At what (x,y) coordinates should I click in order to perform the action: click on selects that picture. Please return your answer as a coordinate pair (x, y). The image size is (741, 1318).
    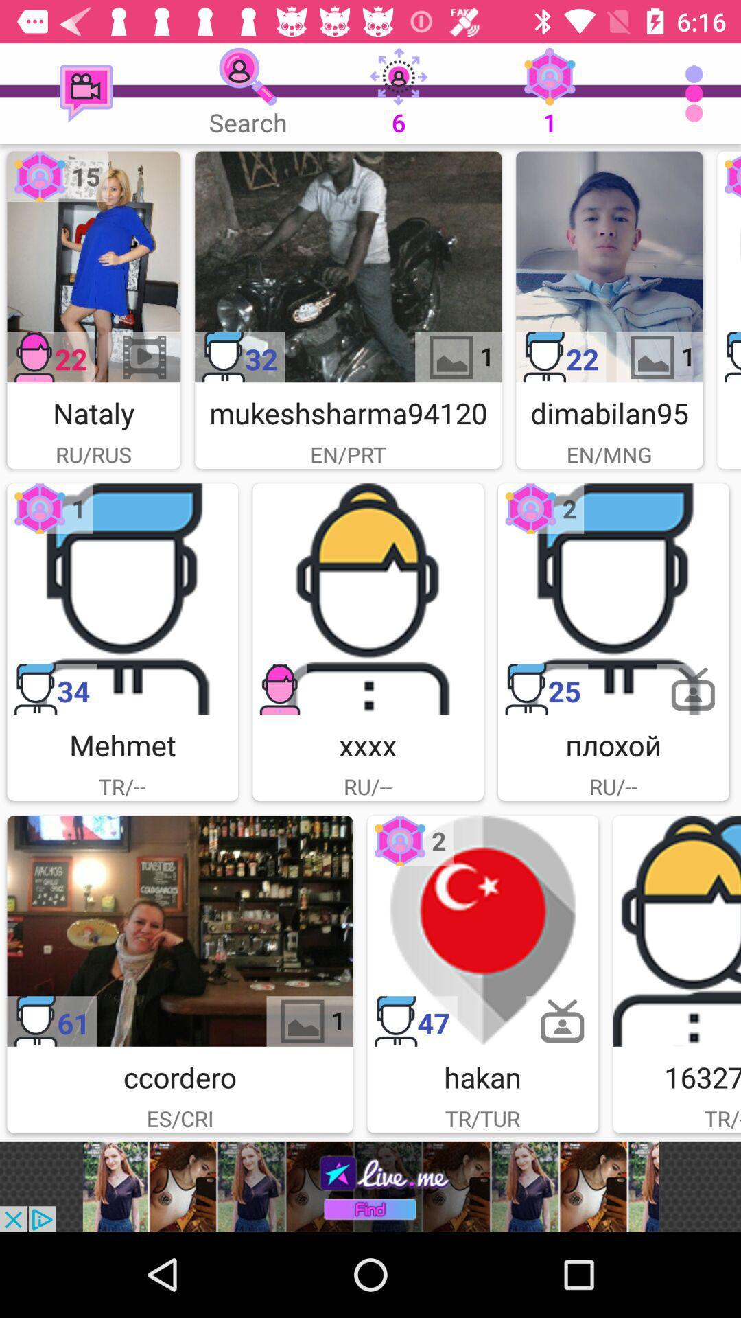
    Looking at the image, I should click on (613, 599).